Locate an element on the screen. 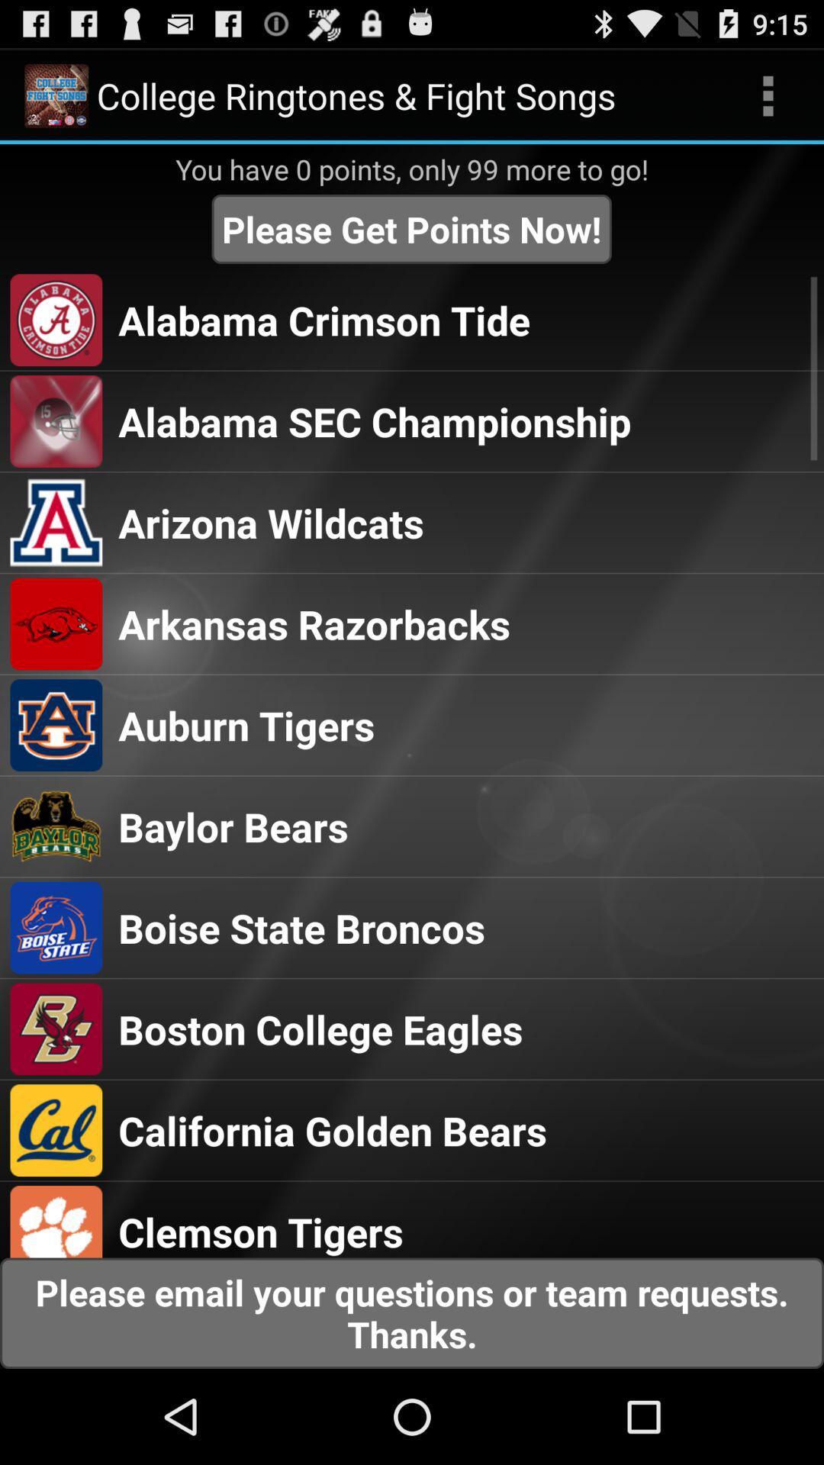  item below the alabama crimson tide icon is located at coordinates (375, 421).